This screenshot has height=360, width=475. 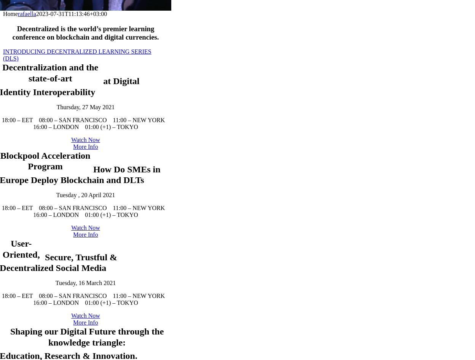 I want to click on 'at Digital Identity Interoperability', so click(x=77, y=124).